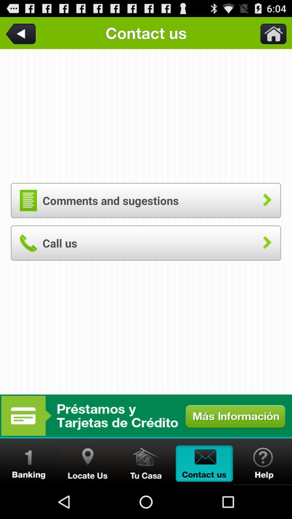  What do you see at coordinates (263, 461) in the screenshot?
I see `get assistance on a problem with the app` at bounding box center [263, 461].